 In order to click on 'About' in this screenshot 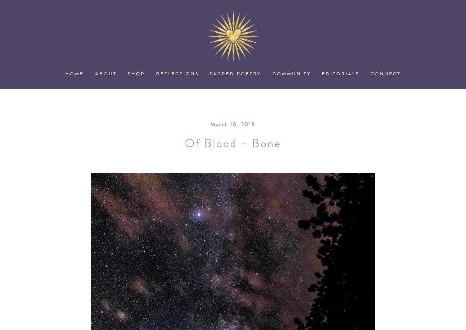, I will do `click(105, 73)`.